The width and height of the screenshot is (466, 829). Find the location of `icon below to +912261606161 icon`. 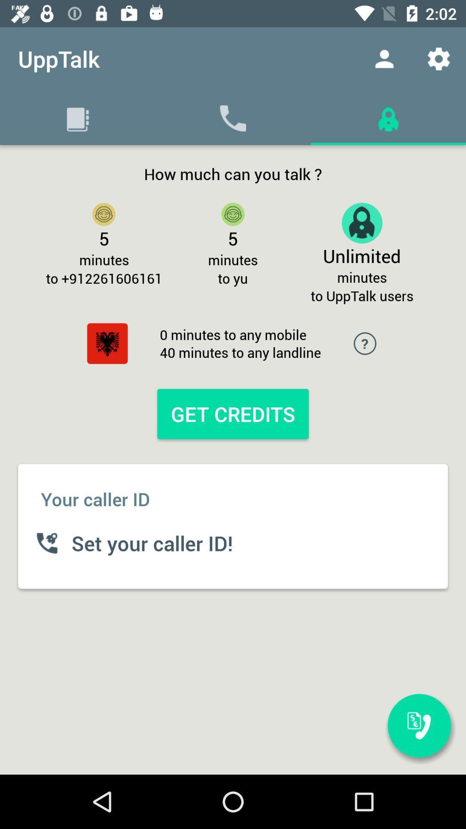

icon below to +912261606161 icon is located at coordinates (107, 343).